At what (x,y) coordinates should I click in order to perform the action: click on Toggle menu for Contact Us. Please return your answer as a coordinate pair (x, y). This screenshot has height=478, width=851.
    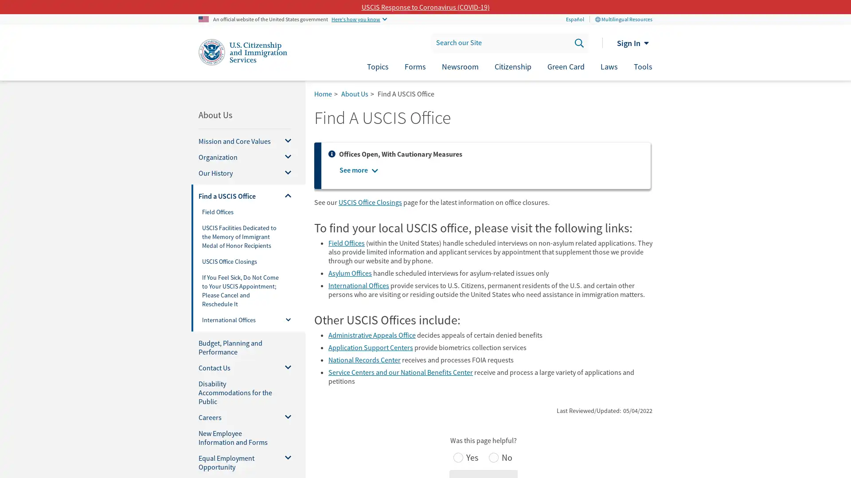
    Looking at the image, I should click on (285, 367).